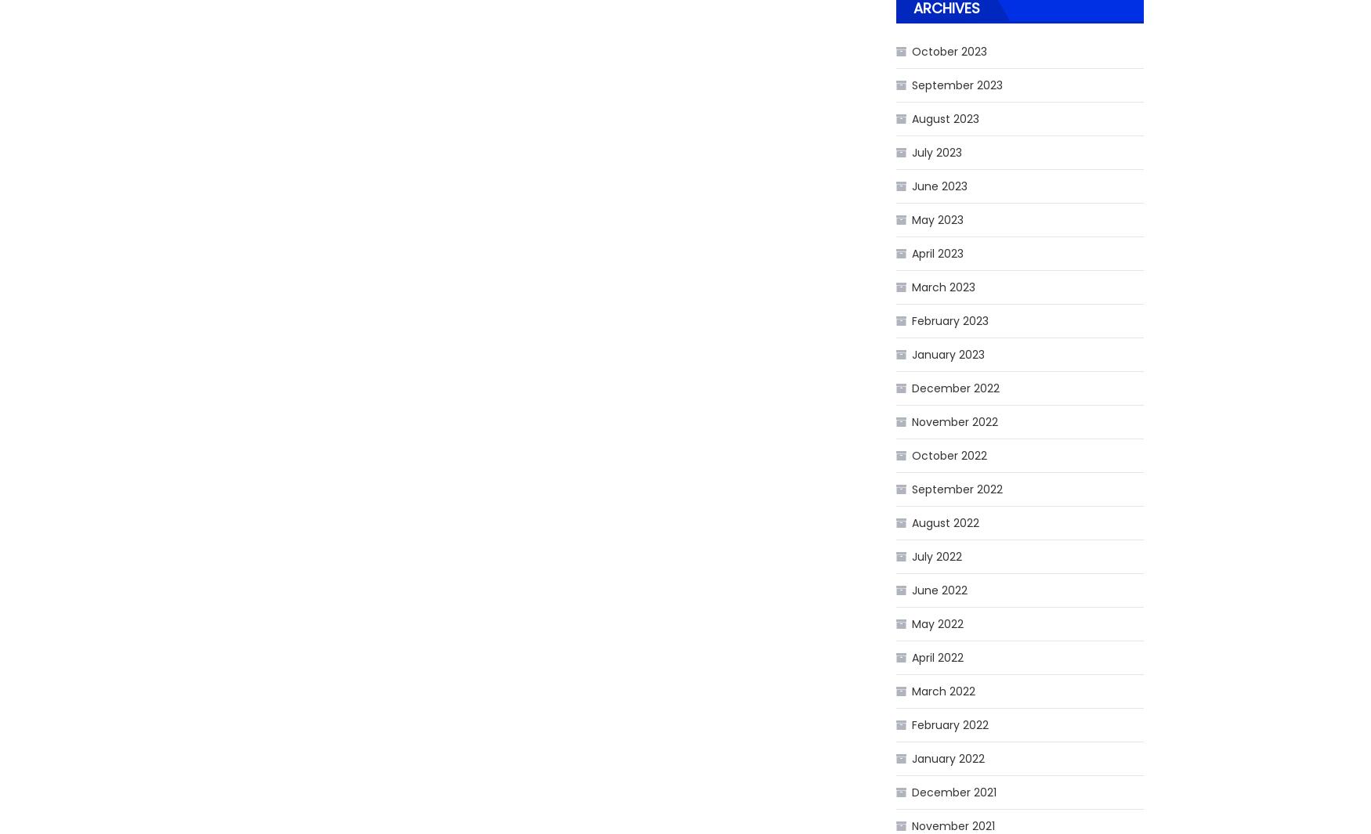  I want to click on 'December 2022', so click(955, 387).